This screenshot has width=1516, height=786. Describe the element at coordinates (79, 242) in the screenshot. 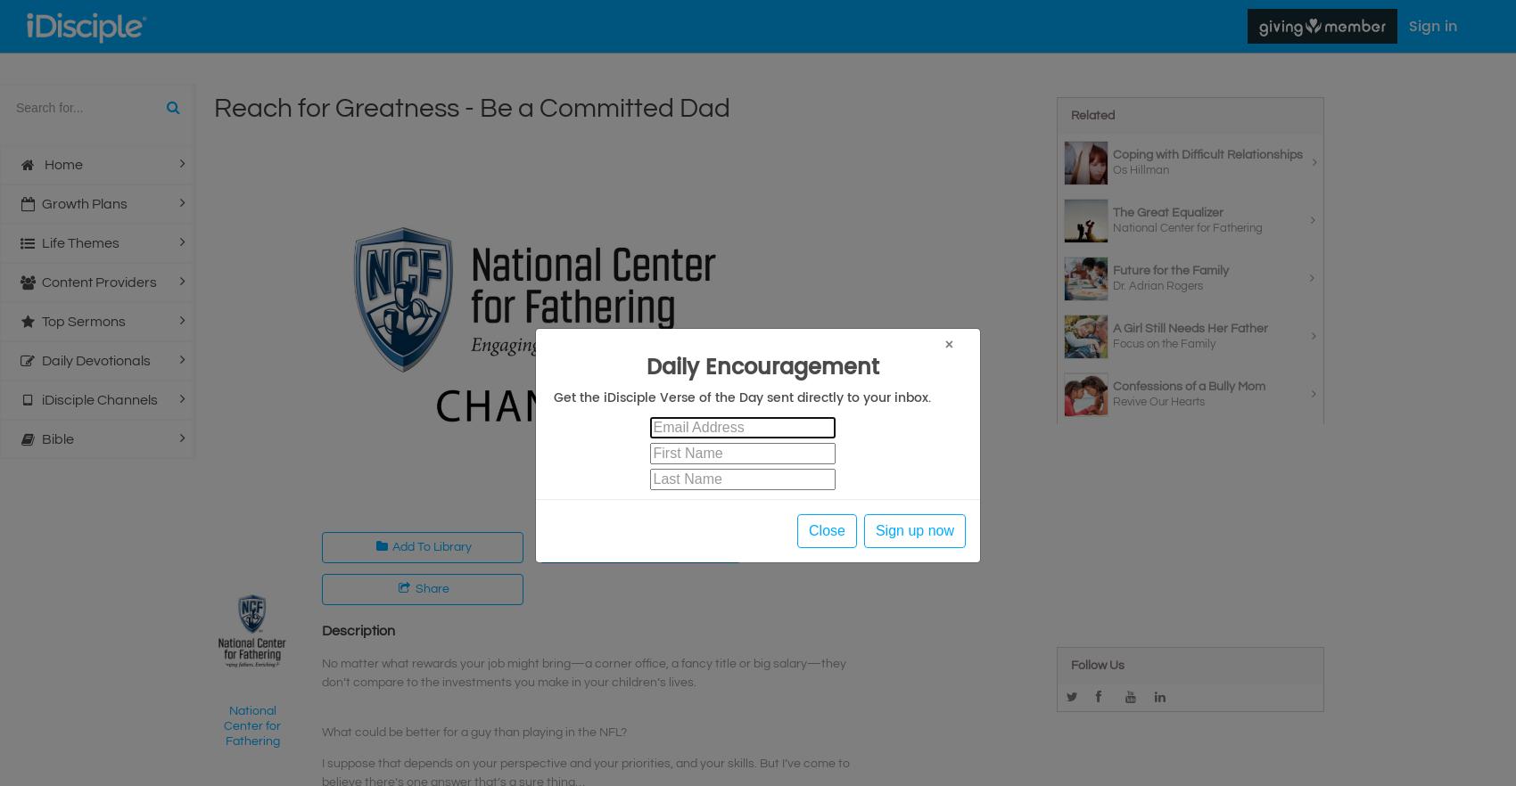

I see `'Life Themes'` at that location.